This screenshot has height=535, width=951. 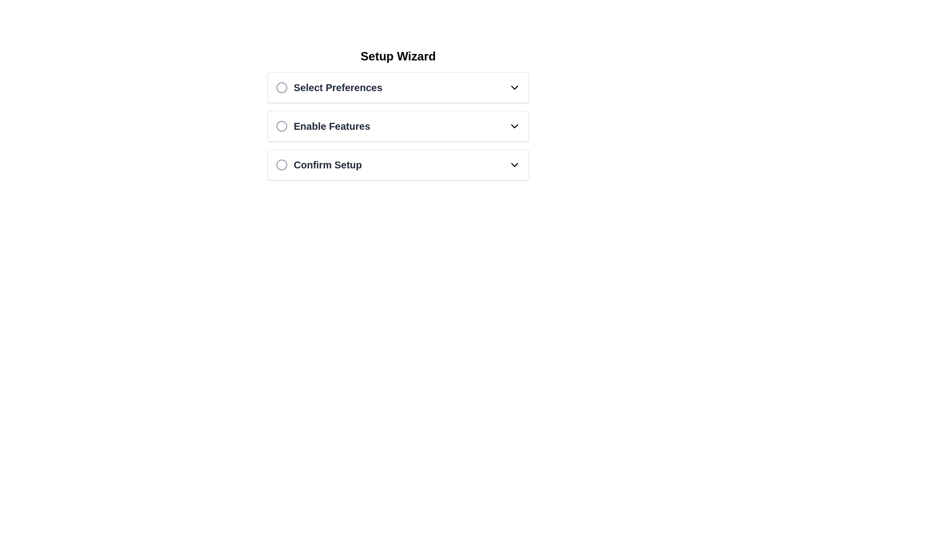 What do you see at coordinates (398, 164) in the screenshot?
I see `the radio button in the third interactive list item of the setup wizard` at bounding box center [398, 164].